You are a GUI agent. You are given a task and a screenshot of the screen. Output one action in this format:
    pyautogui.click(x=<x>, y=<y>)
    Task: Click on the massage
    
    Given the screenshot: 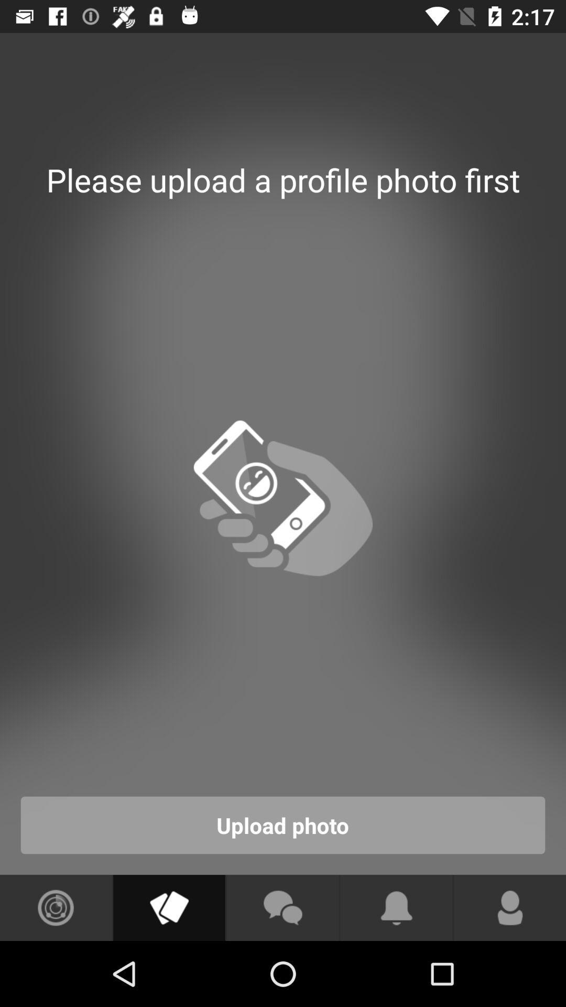 What is the action you would take?
    pyautogui.click(x=282, y=907)
    